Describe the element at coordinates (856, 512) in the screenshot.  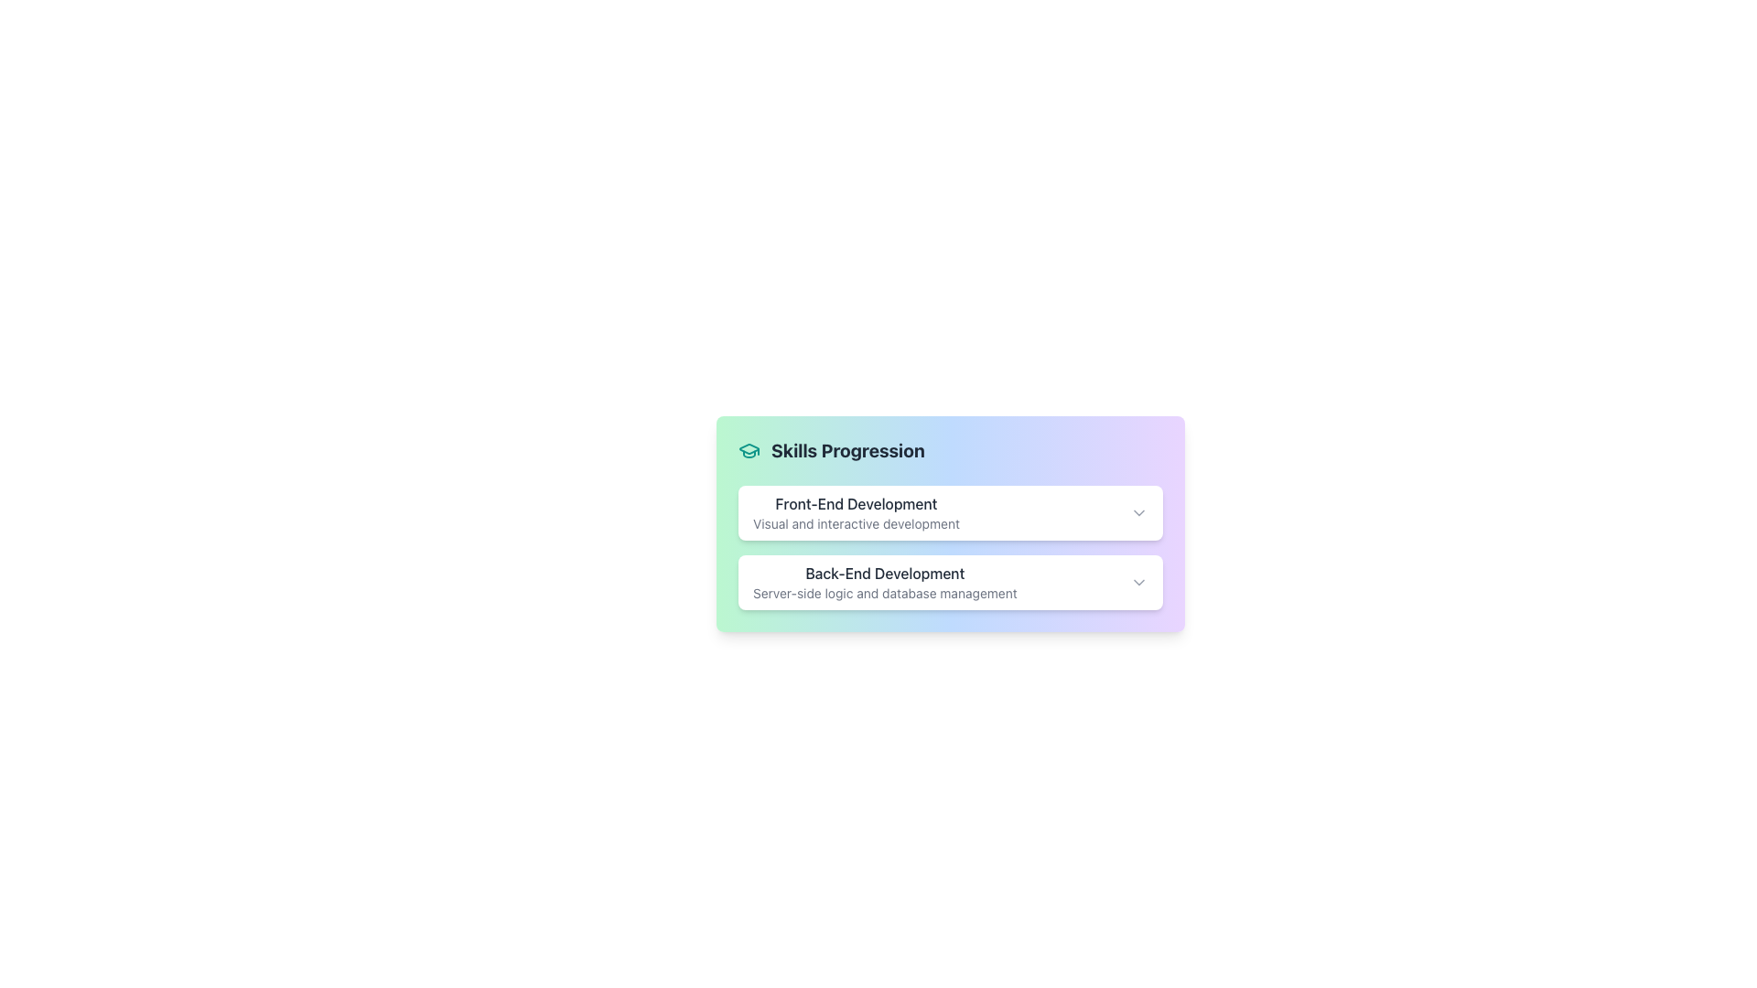
I see `the 'Front-End Development' text block in the 'Skills Progression' interface` at that location.